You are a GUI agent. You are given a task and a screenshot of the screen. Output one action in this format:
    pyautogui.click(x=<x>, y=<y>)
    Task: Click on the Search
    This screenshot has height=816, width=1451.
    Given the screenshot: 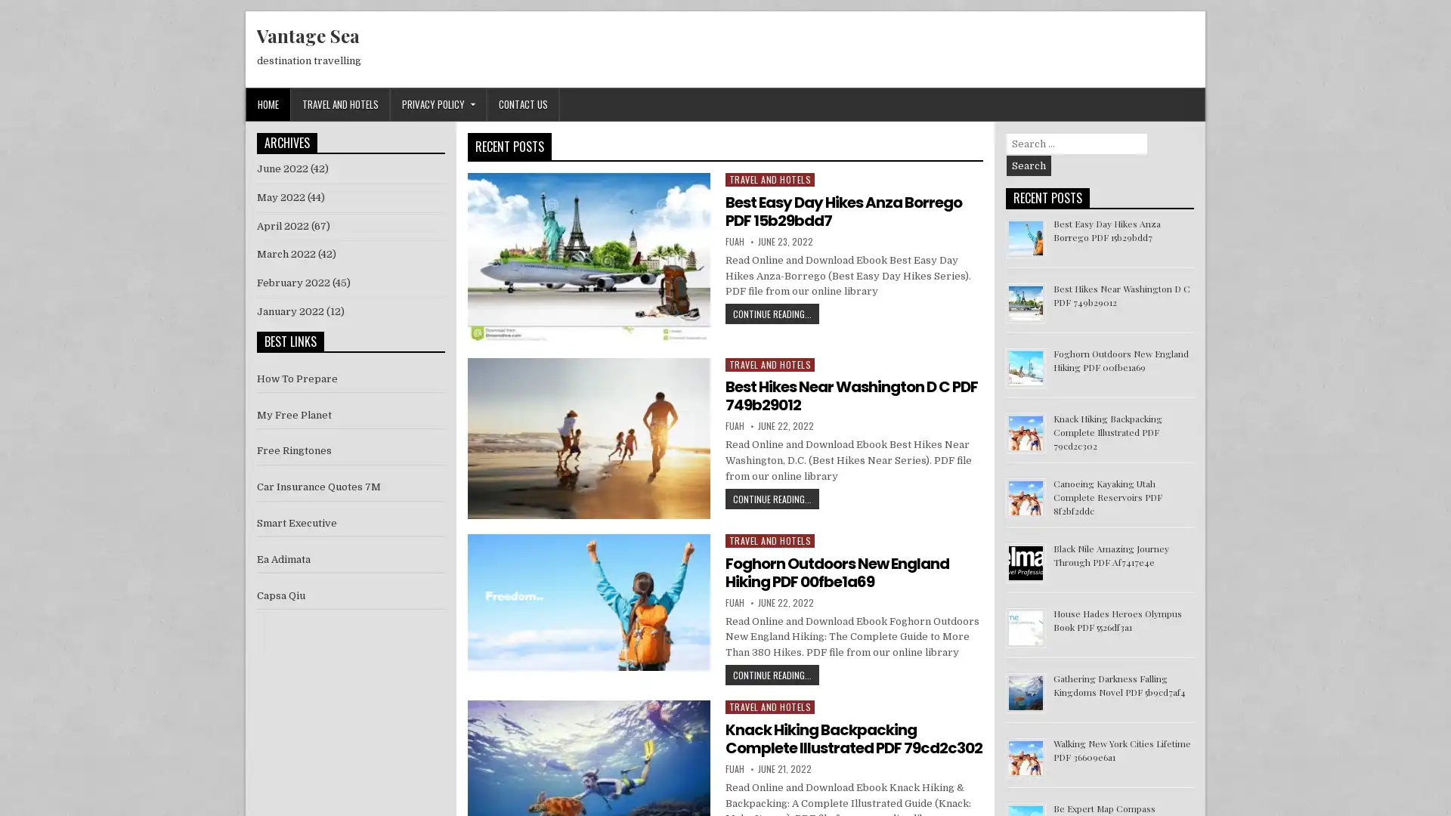 What is the action you would take?
    pyautogui.click(x=1028, y=165)
    